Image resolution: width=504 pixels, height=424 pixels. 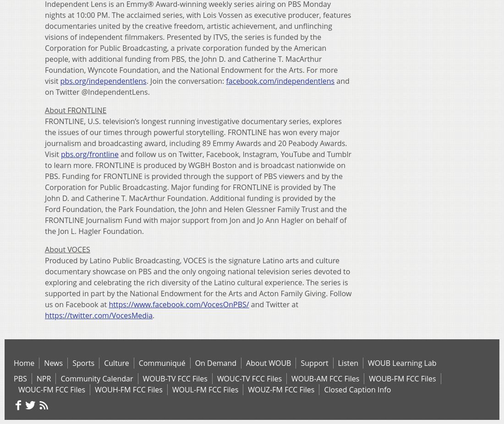 I want to click on 'WOUH-FM FCC Files', so click(x=128, y=389).